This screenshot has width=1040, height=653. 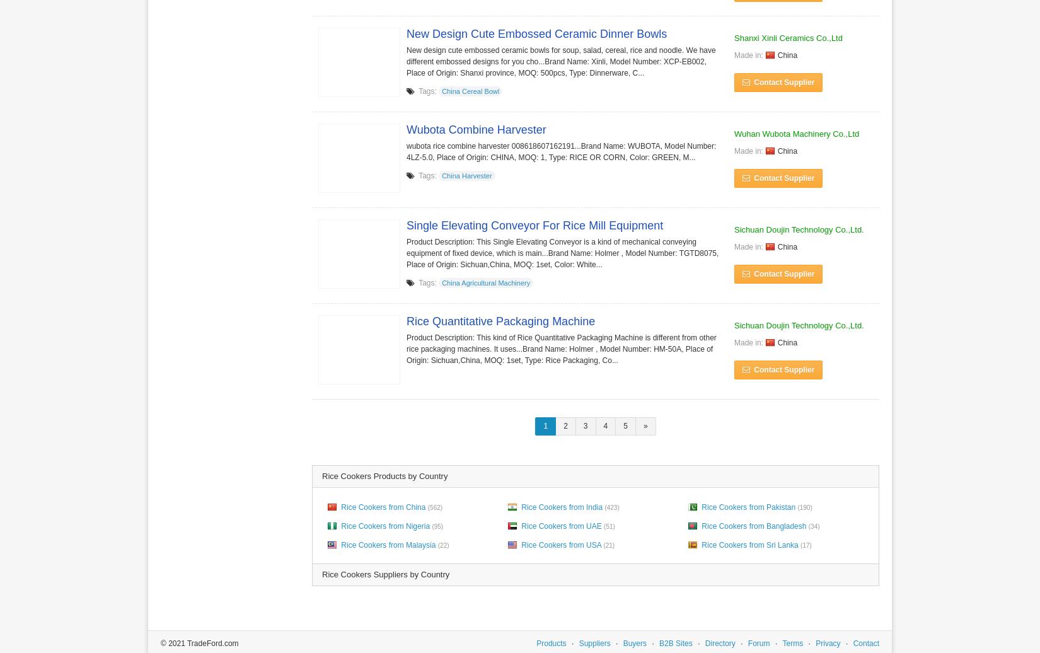 I want to click on 'China Agricultural Machinery', so click(x=441, y=283).